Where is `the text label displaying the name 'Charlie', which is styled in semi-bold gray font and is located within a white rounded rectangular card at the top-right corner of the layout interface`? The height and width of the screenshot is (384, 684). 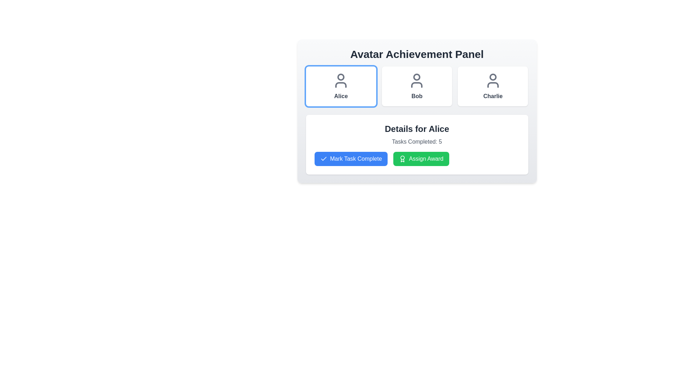 the text label displaying the name 'Charlie', which is styled in semi-bold gray font and is located within a white rounded rectangular card at the top-right corner of the layout interface is located at coordinates (492, 96).